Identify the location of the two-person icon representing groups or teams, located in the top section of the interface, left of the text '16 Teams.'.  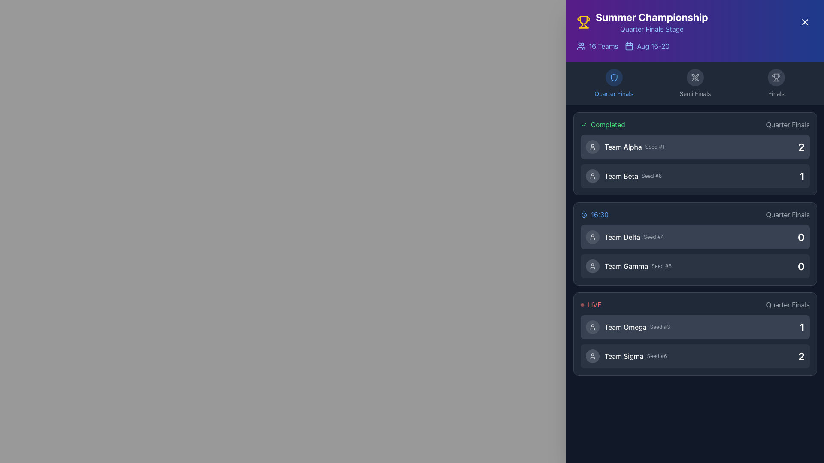
(581, 46).